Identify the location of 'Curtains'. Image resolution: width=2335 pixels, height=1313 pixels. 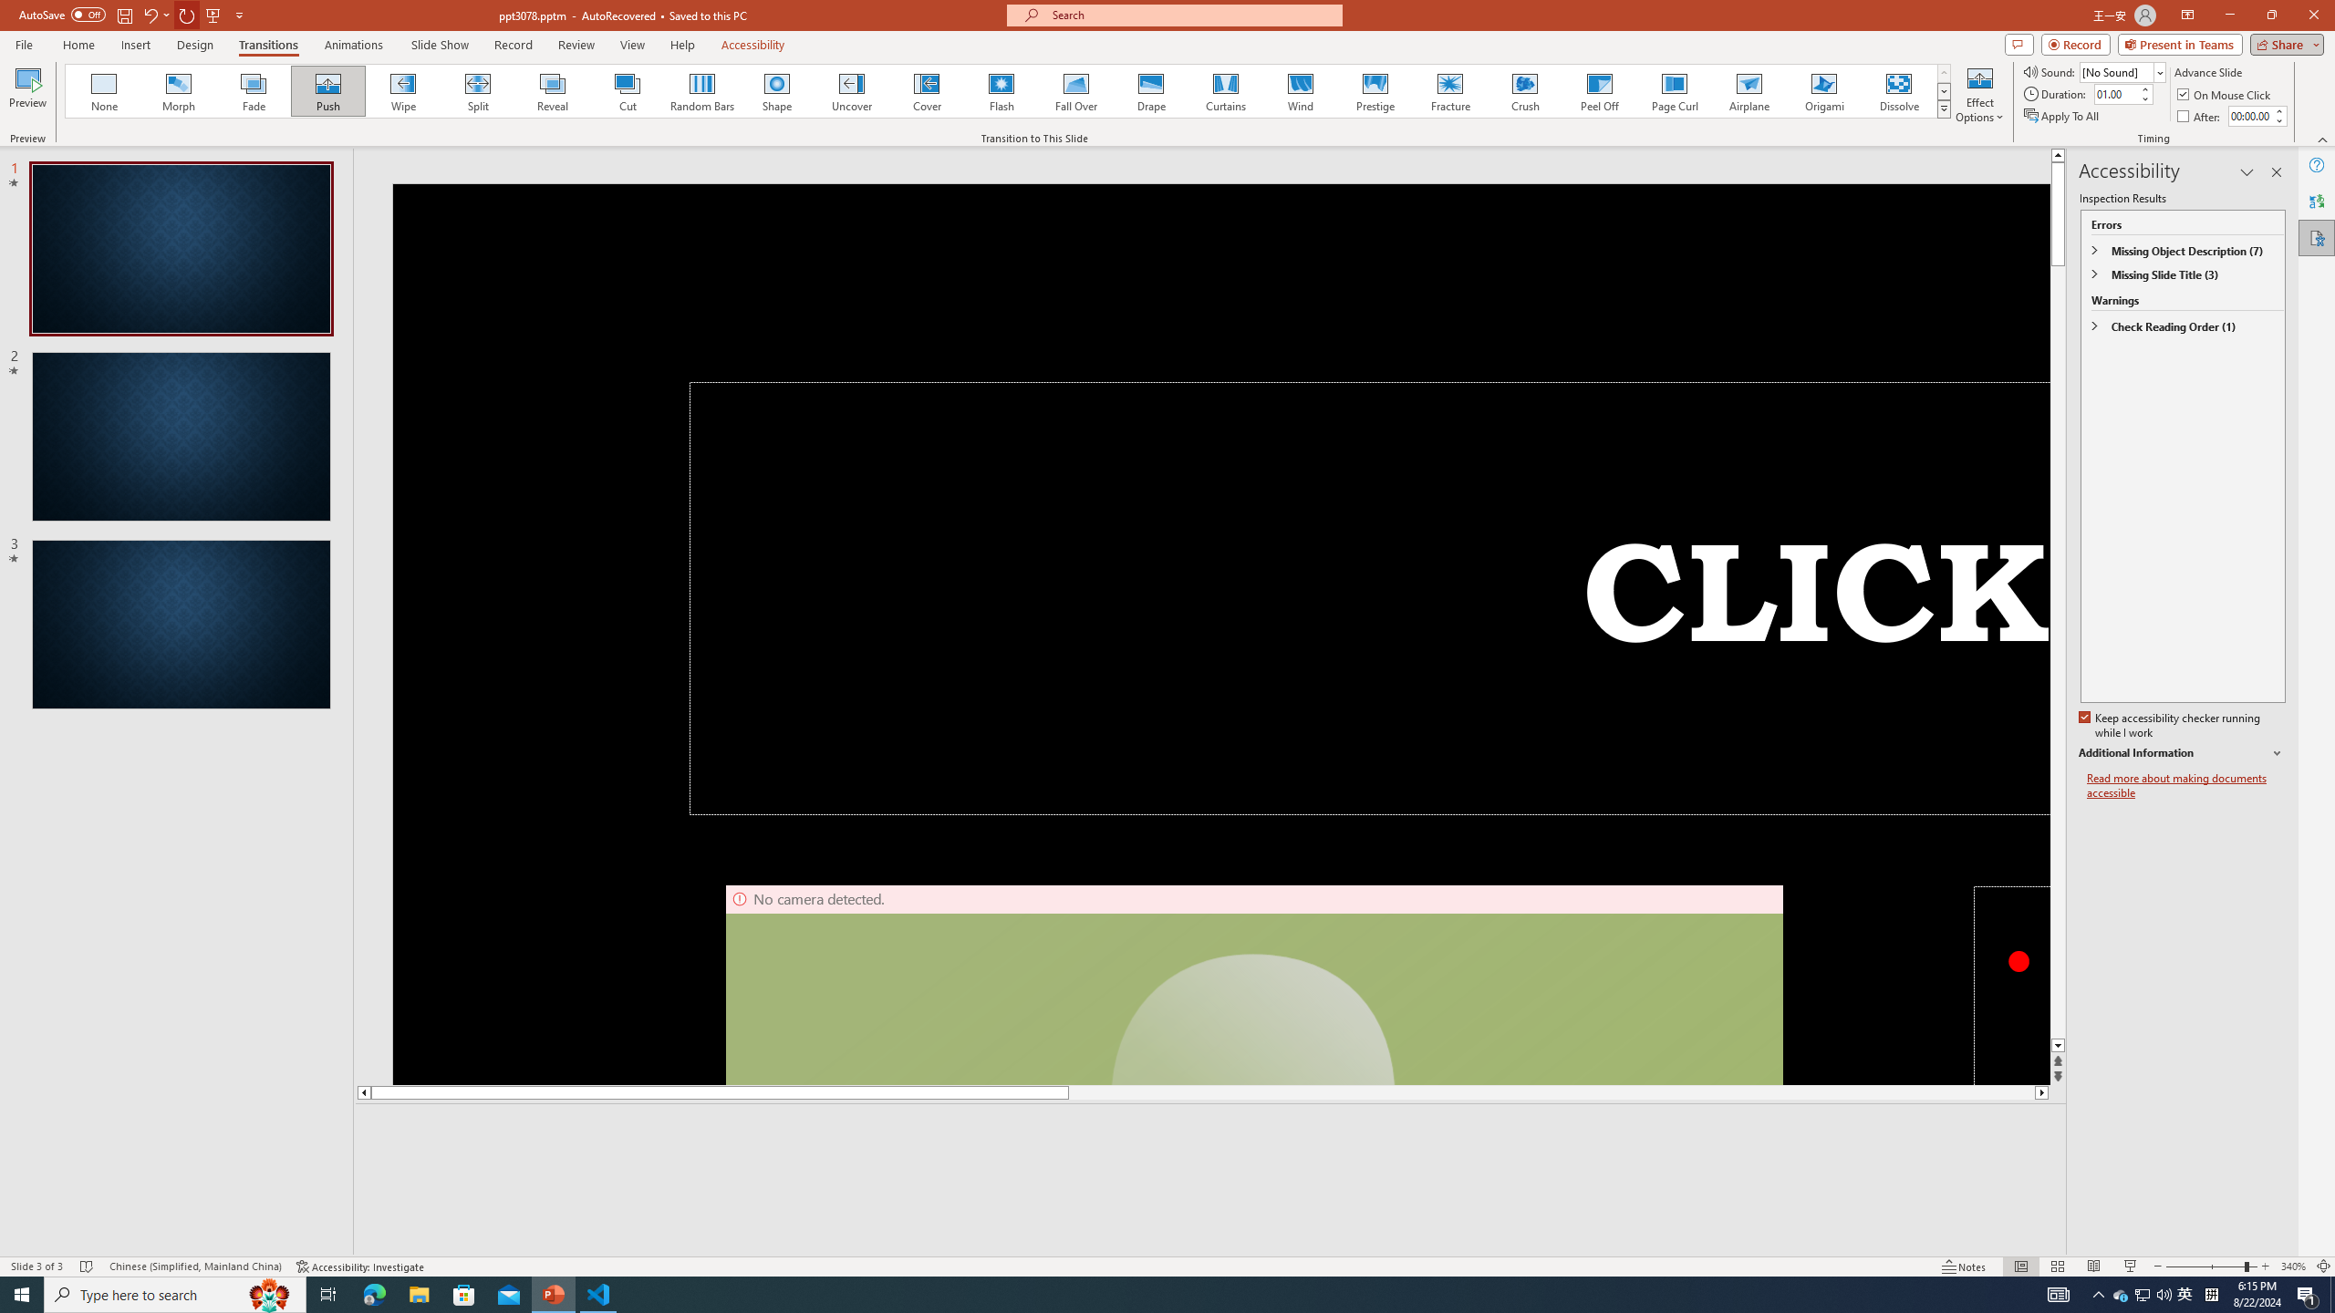
(1226, 90).